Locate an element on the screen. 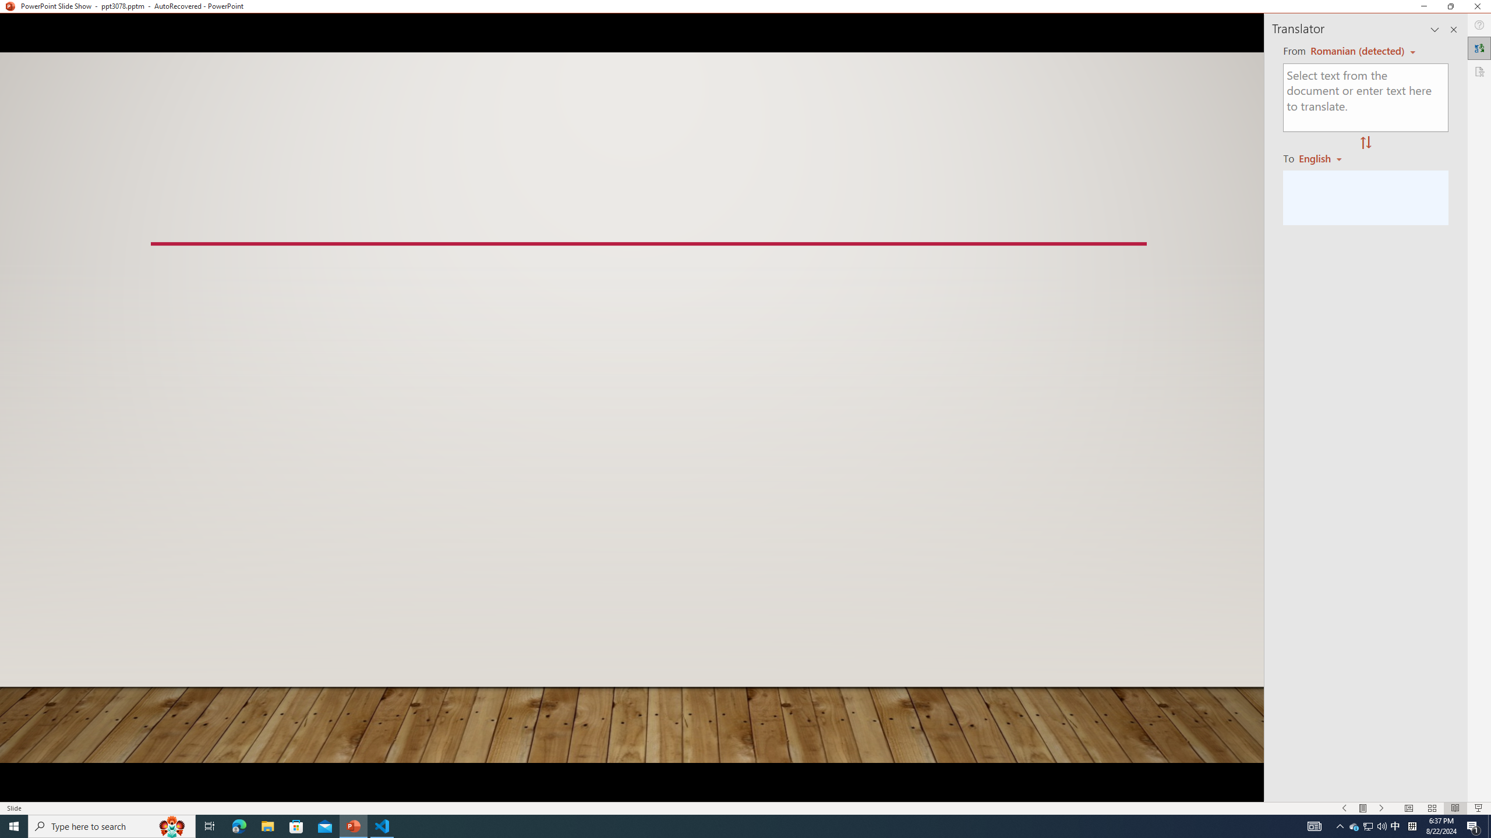  'Menu On' is located at coordinates (1363, 808).